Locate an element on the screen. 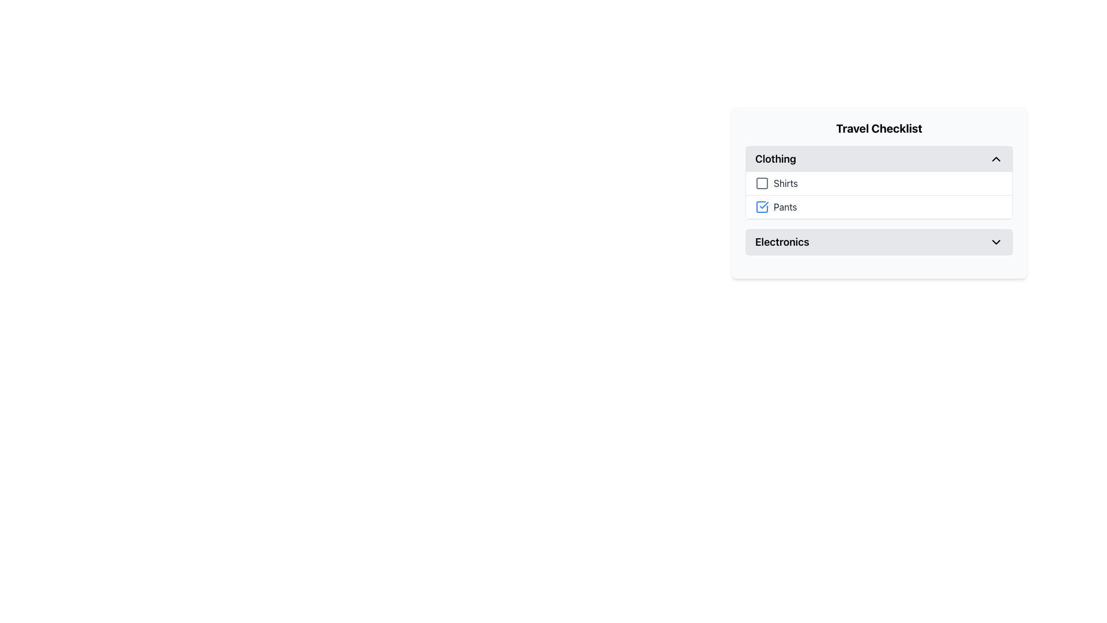 The height and width of the screenshot is (623, 1107). the text label displaying 'Pants' in dark gray color located beside the blue-checked checkbox in the 'Clothing' section of the 'Travel Checklist' is located at coordinates (785, 206).